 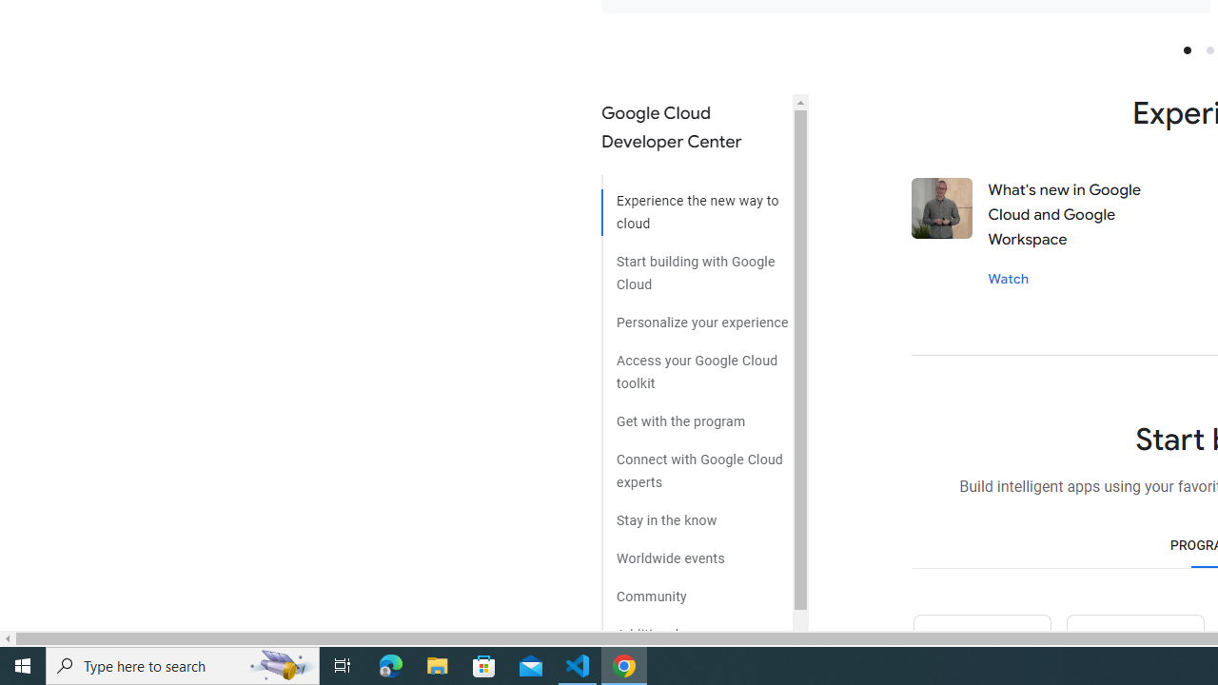 What do you see at coordinates (696, 551) in the screenshot?
I see `'Worldwide events'` at bounding box center [696, 551].